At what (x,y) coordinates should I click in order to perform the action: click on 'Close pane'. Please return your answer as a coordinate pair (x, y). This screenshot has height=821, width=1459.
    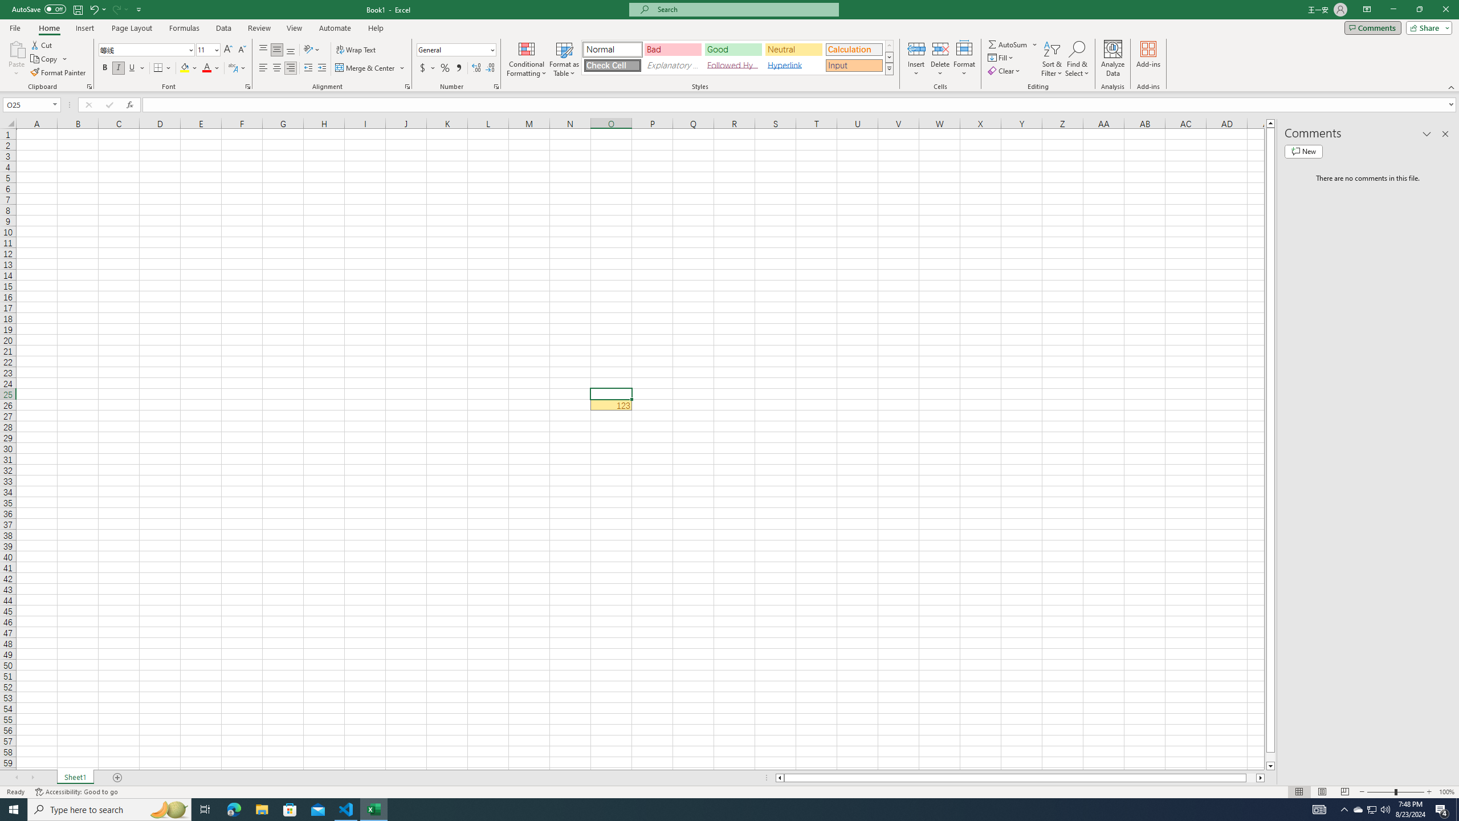
    Looking at the image, I should click on (1445, 133).